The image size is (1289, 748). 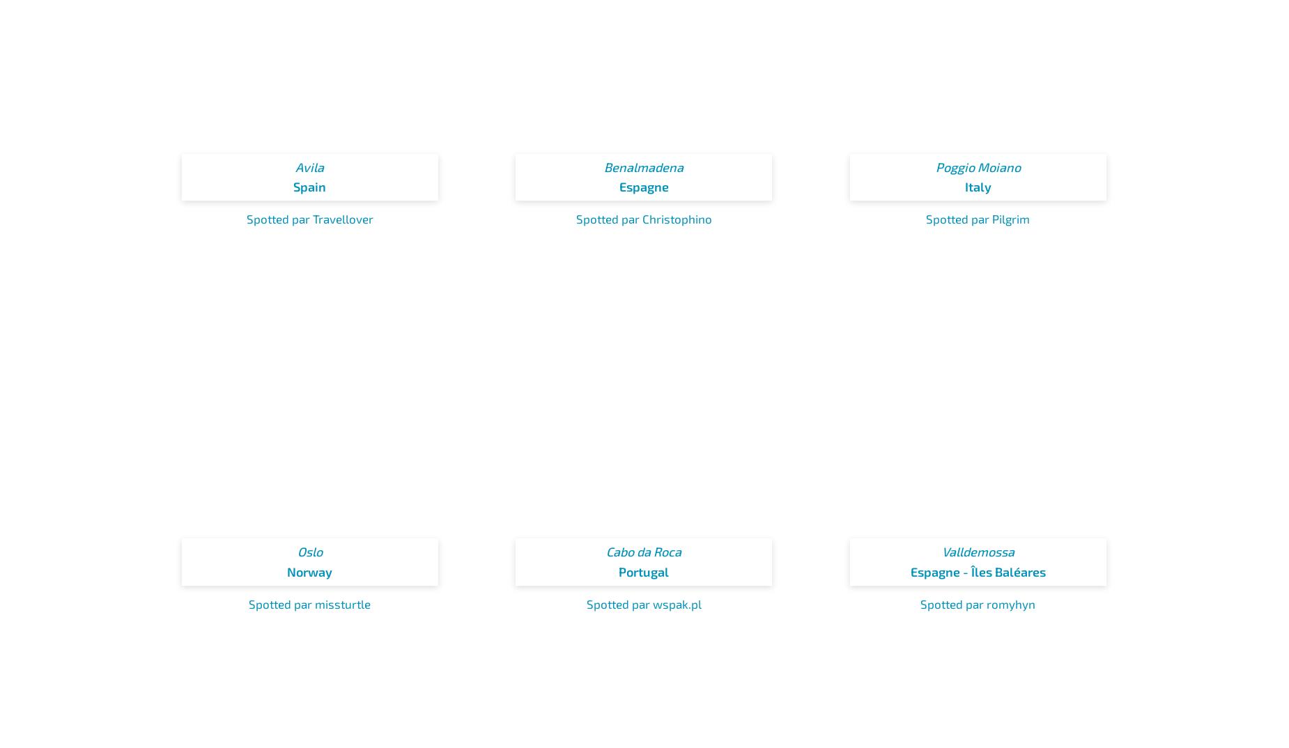 What do you see at coordinates (644, 165) in the screenshot?
I see `'Benalmadena'` at bounding box center [644, 165].